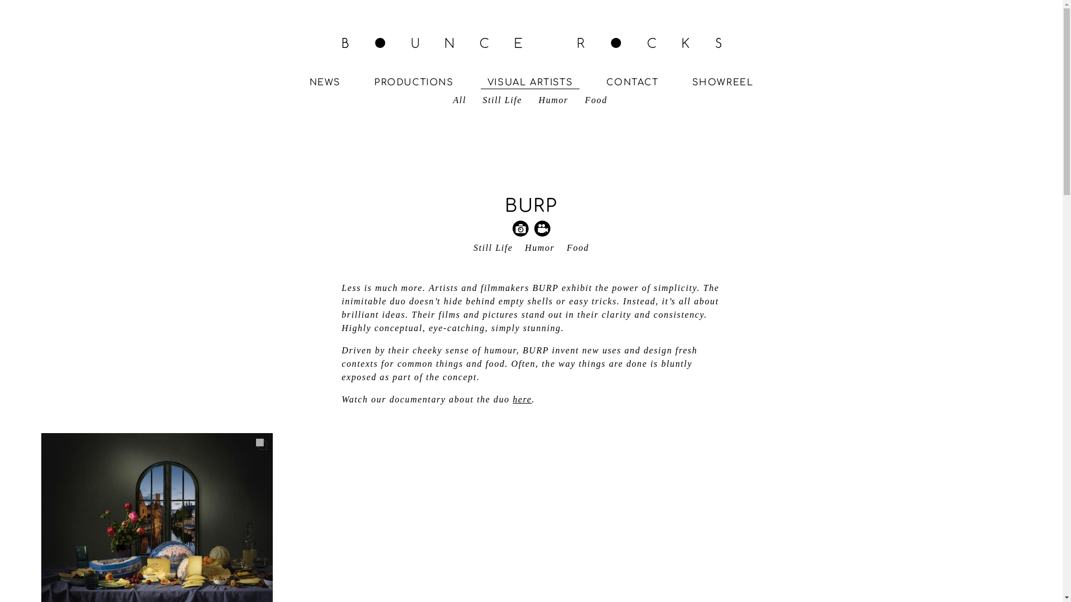 The height and width of the screenshot is (602, 1071). I want to click on 'Food', so click(578, 99).